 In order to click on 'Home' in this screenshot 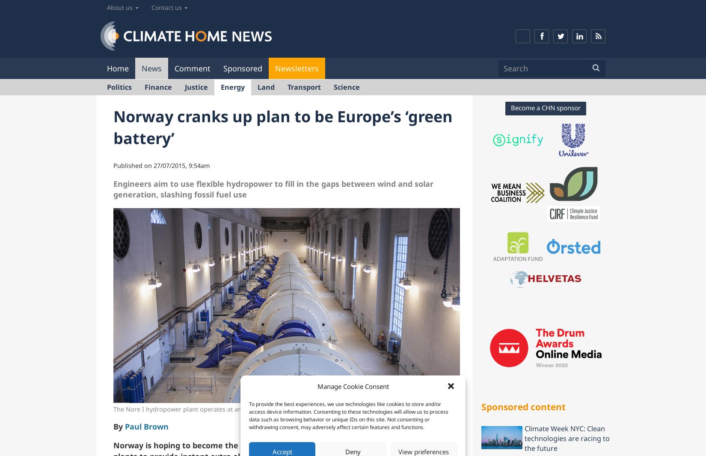, I will do `click(118, 67)`.